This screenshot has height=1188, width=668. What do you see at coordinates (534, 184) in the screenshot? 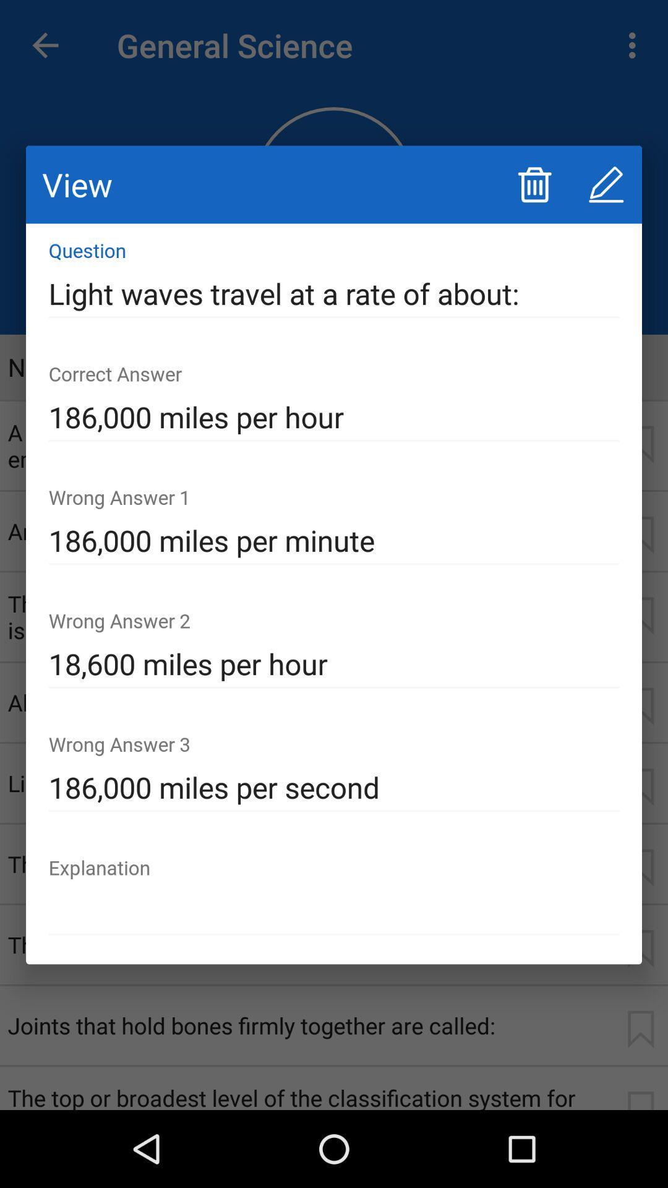
I see `icon next to view icon` at bounding box center [534, 184].